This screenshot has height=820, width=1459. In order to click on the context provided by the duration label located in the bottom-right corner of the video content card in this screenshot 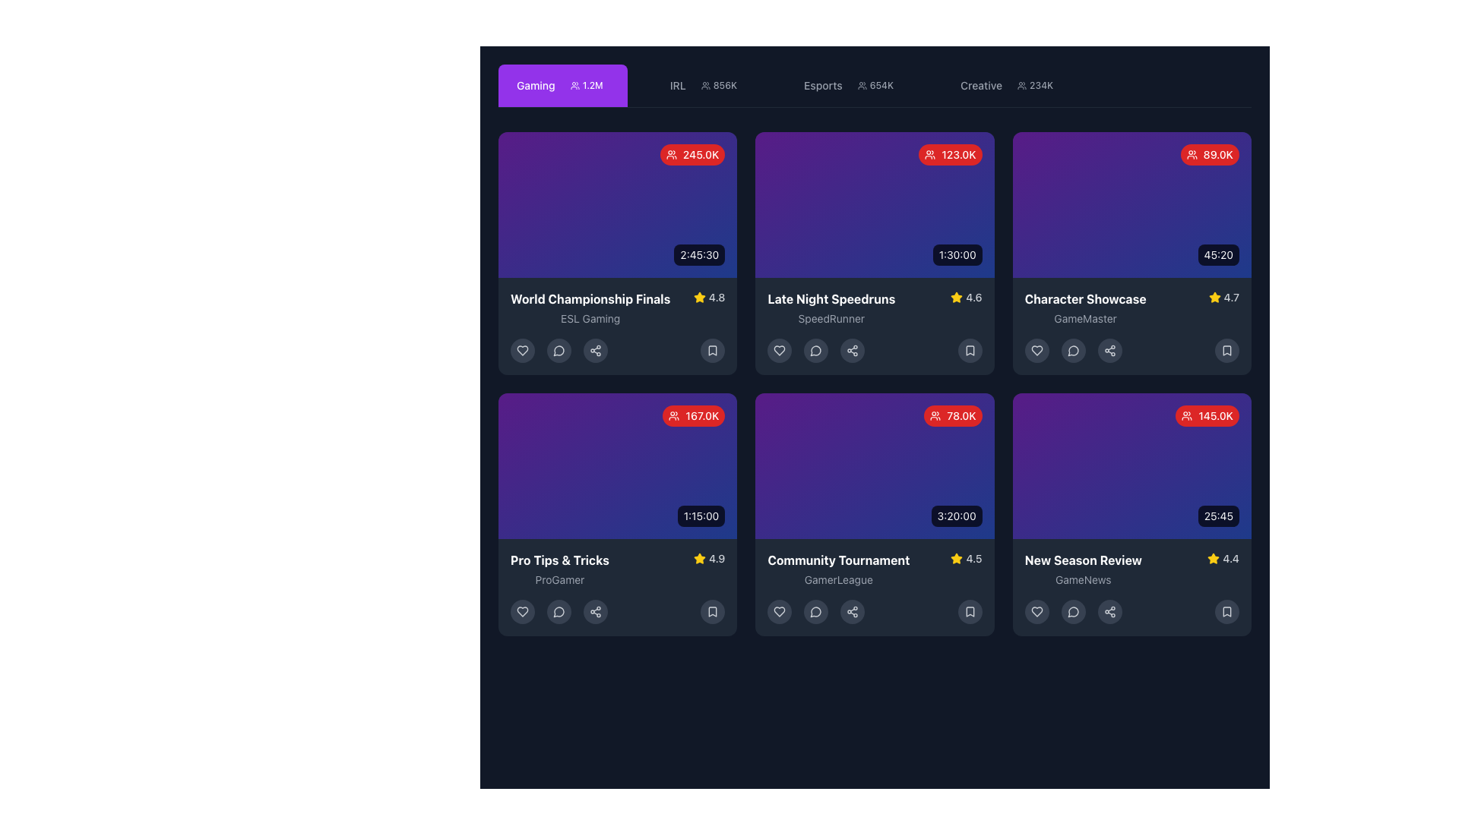, I will do `click(956, 515)`.